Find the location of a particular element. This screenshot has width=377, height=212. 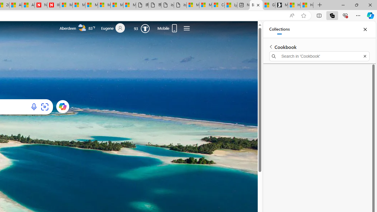

'Search using voice' is located at coordinates (34, 107).